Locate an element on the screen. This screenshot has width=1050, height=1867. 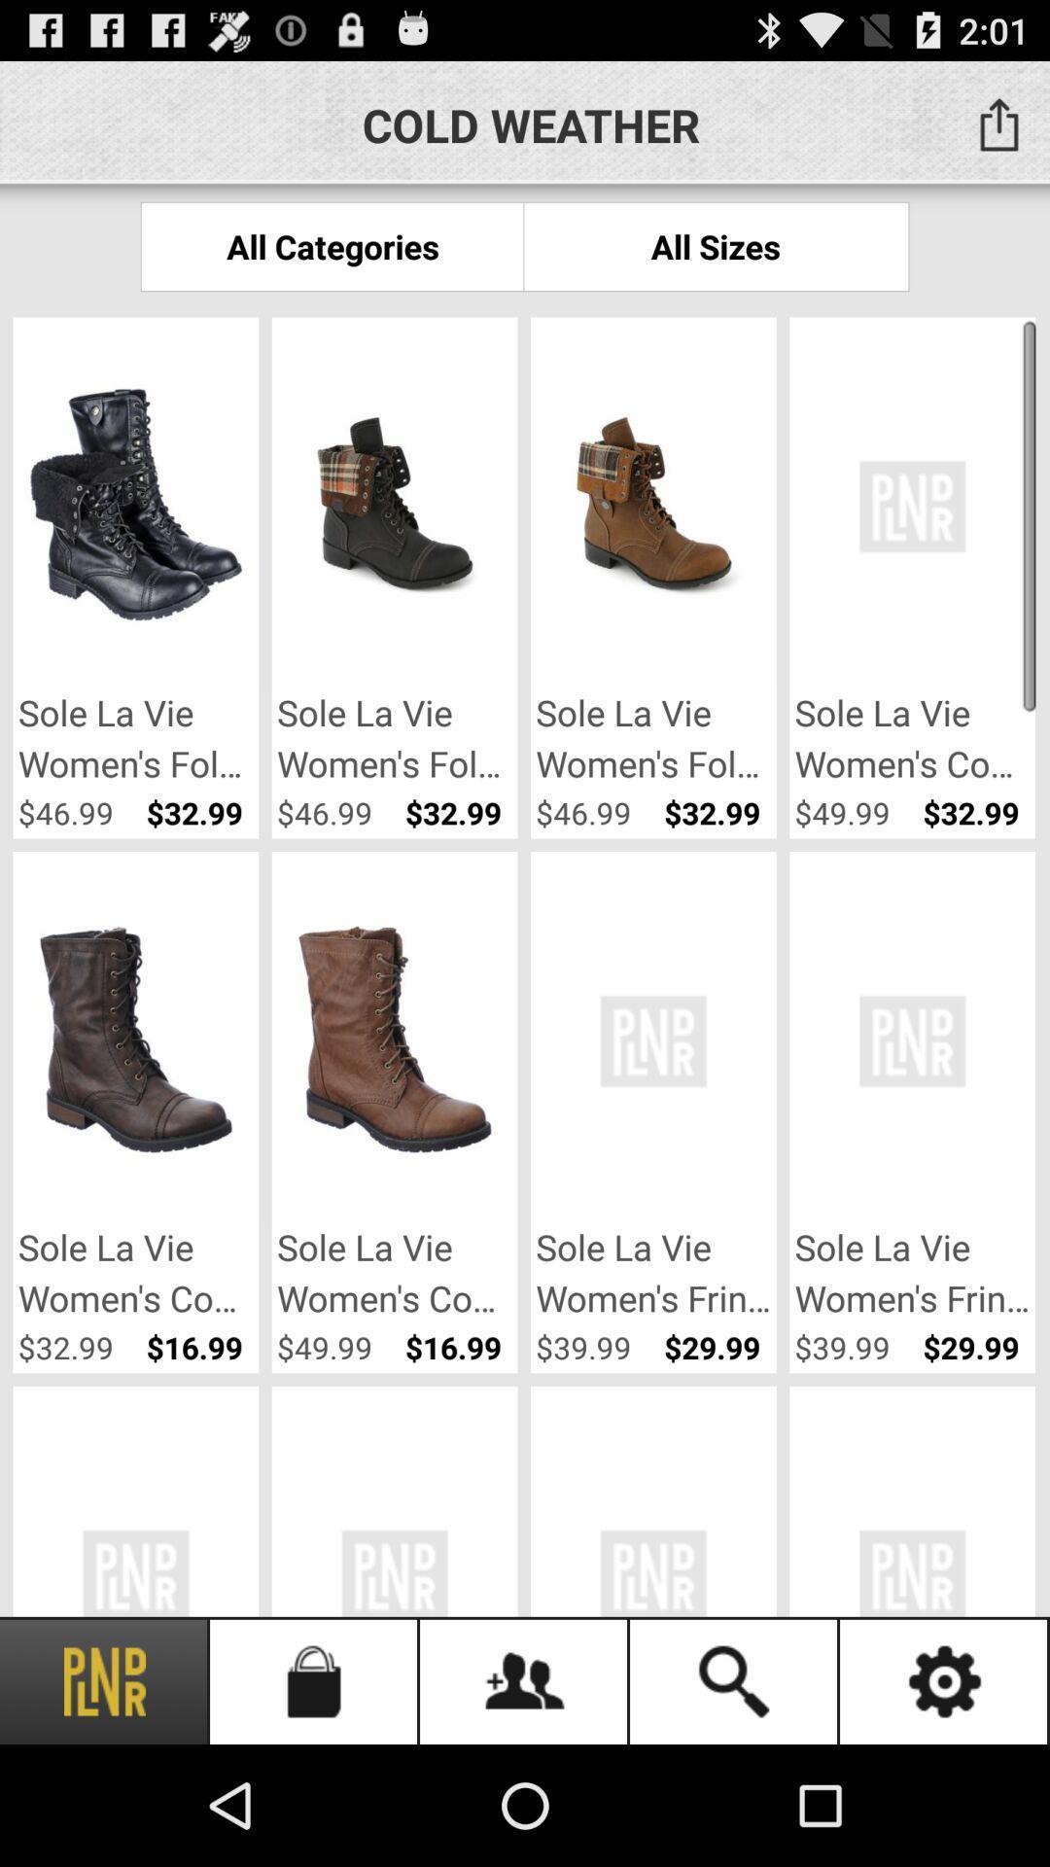
icon next to all categories icon is located at coordinates (716, 245).